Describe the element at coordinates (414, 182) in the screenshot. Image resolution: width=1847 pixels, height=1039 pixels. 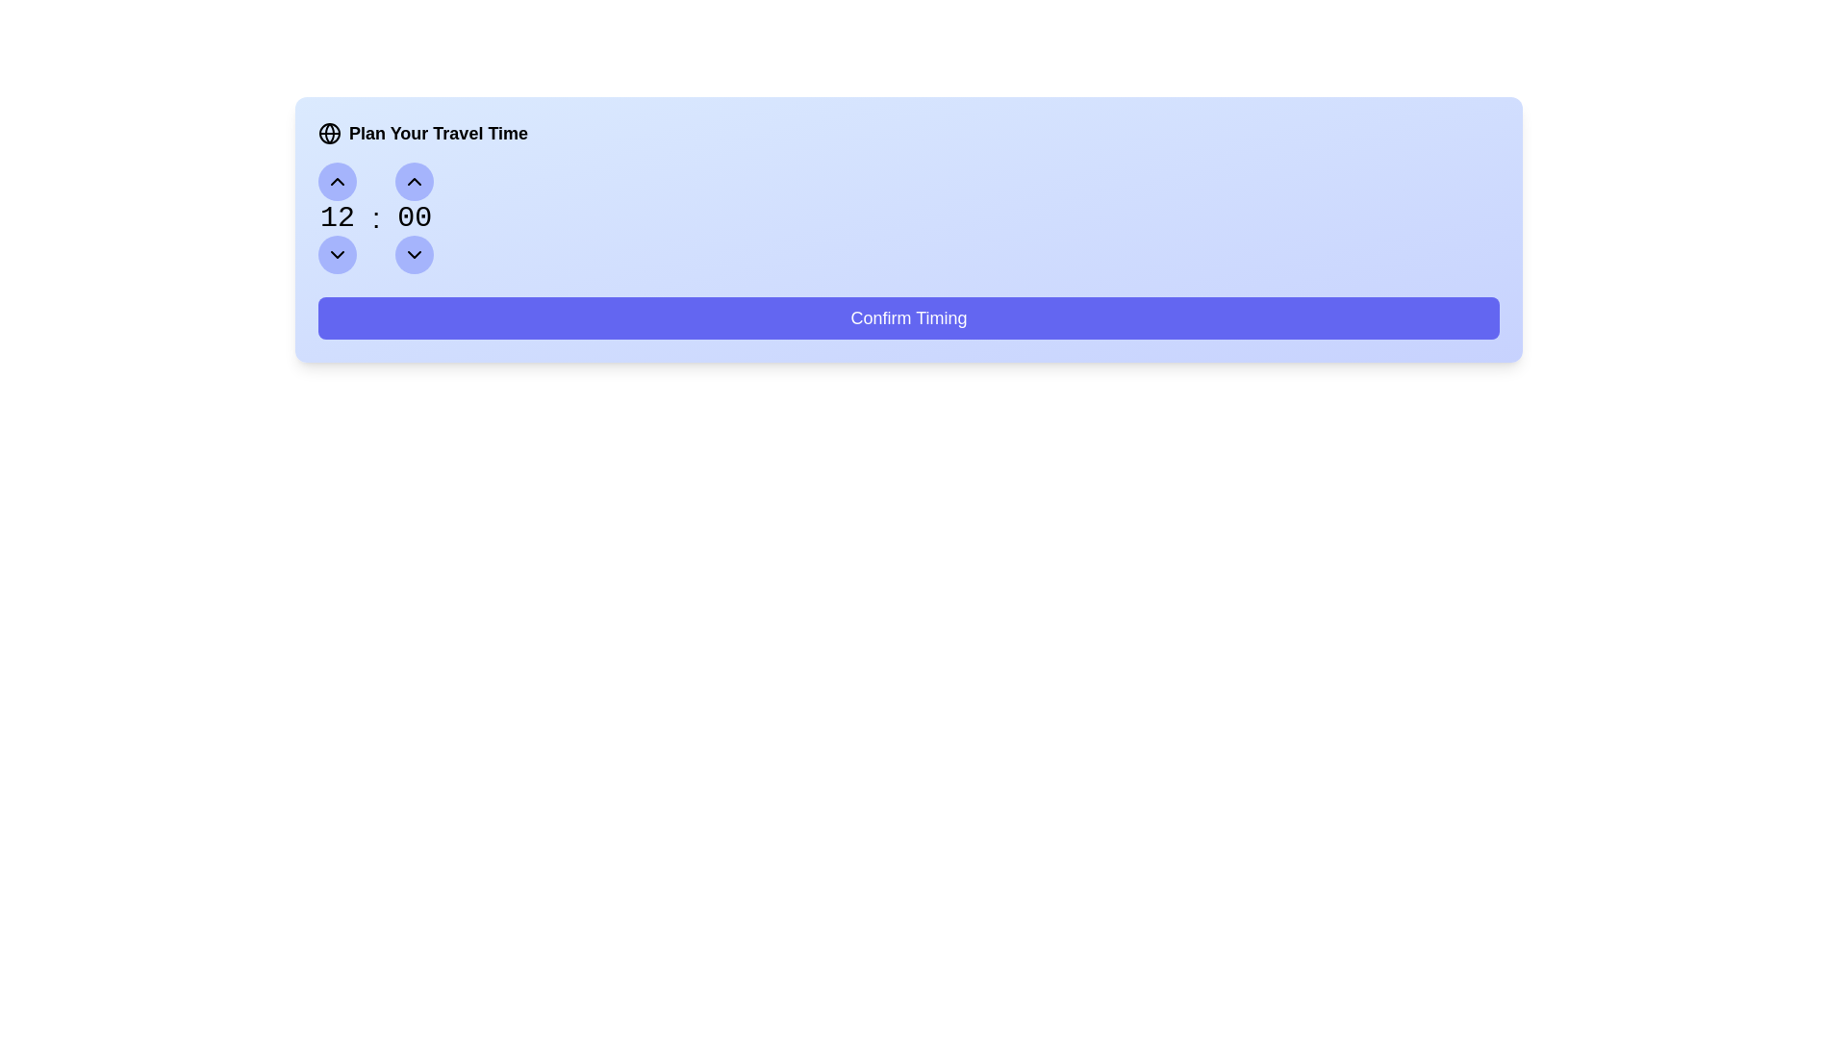
I see `the chevron up icon button located in the 'Plan Your Travel Time' panel to increment the hour value by one unit` at that location.